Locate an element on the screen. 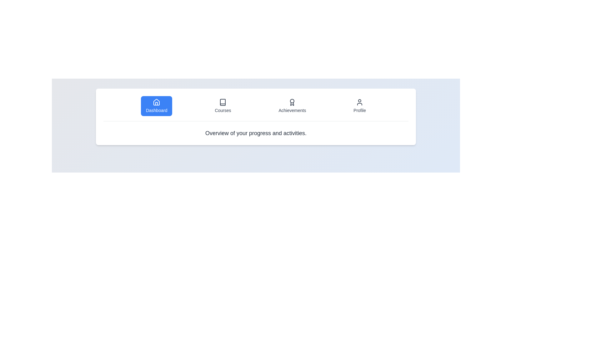  label text indicating the purpose of the navigation item that likely leads to a profile or account page, located below the user silhouette icon is located at coordinates (360, 110).